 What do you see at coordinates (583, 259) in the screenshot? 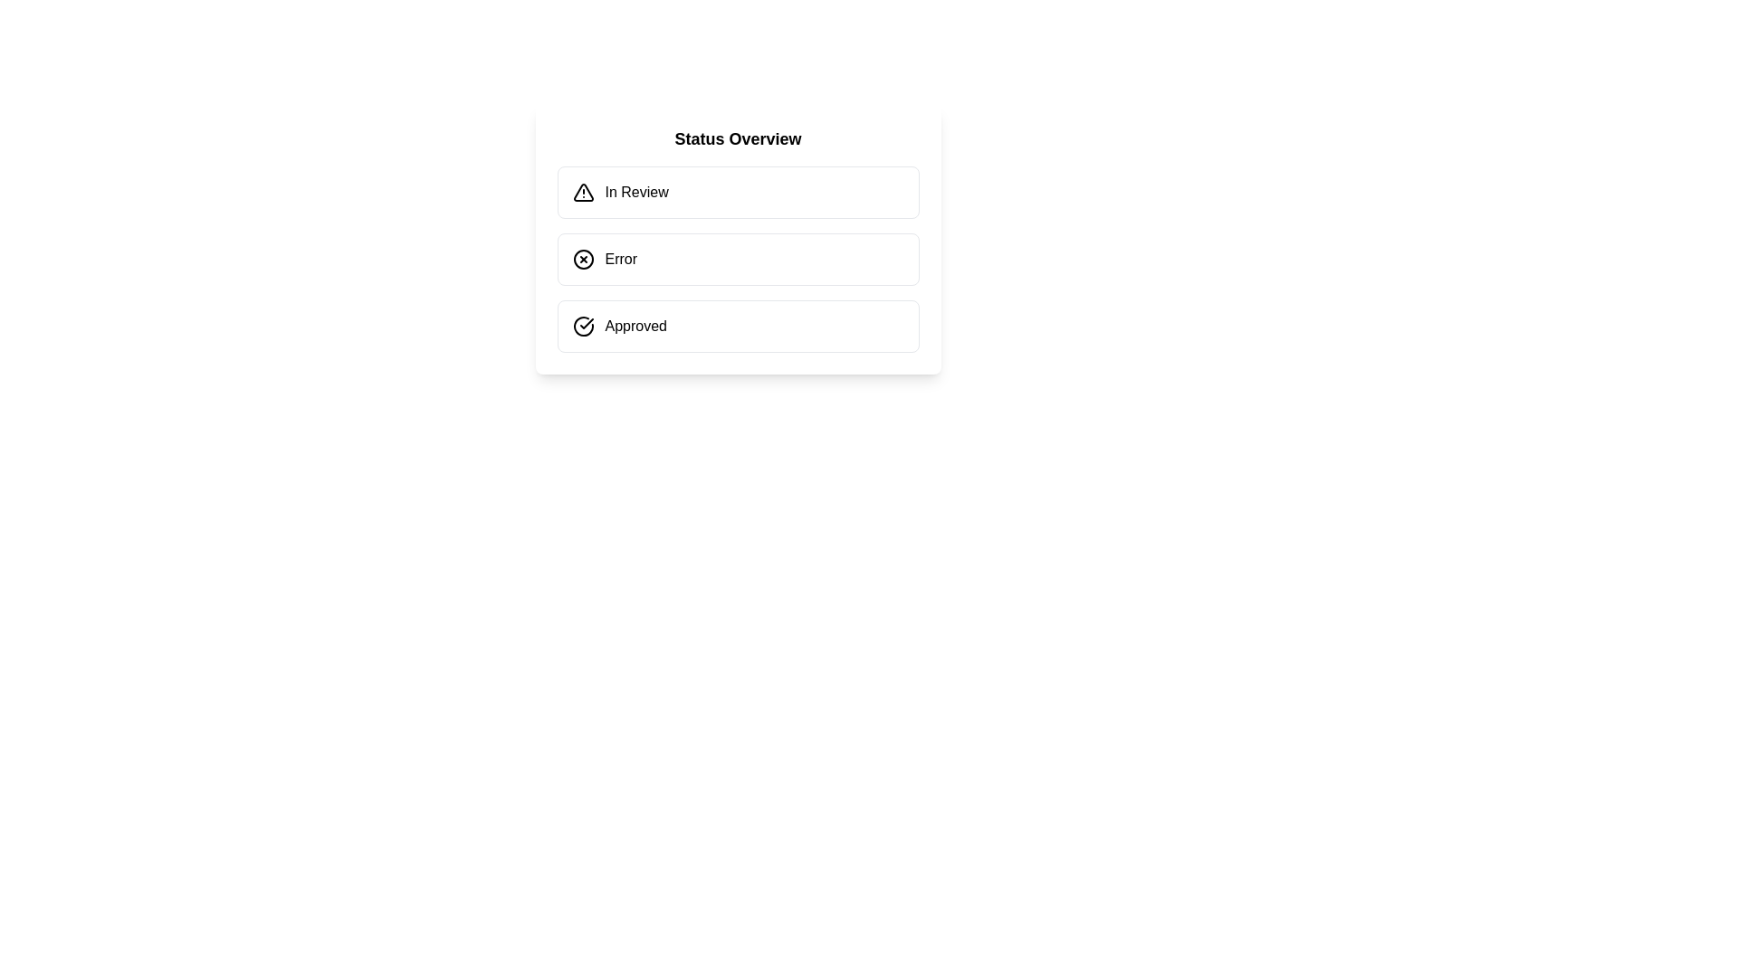
I see `the 'Error' status icon, which is a circular outline with a cross, located on the left side of the 'Error' label in the second row of the 'Status Overview' card` at bounding box center [583, 259].